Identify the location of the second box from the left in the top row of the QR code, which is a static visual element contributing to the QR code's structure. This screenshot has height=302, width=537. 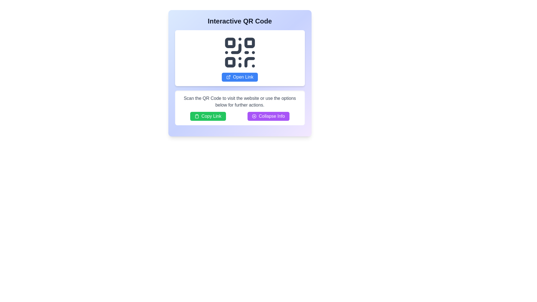
(249, 43).